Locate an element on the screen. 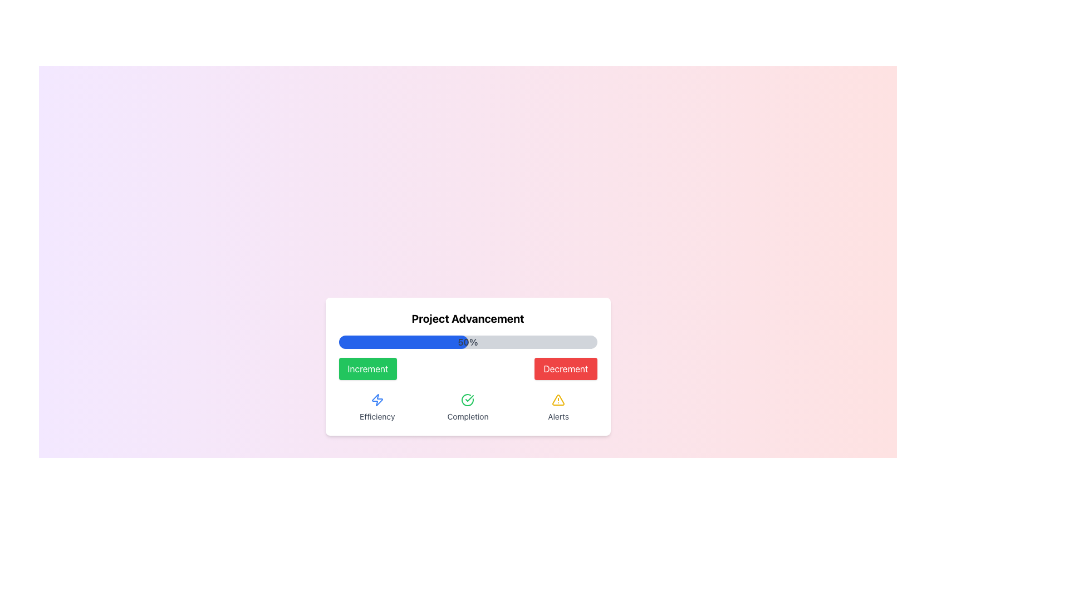 This screenshot has width=1069, height=601. small green checkmark icon within its circular frame, located centrally beneath the progress bar and above the 'Completion' label is located at coordinates (470, 398).